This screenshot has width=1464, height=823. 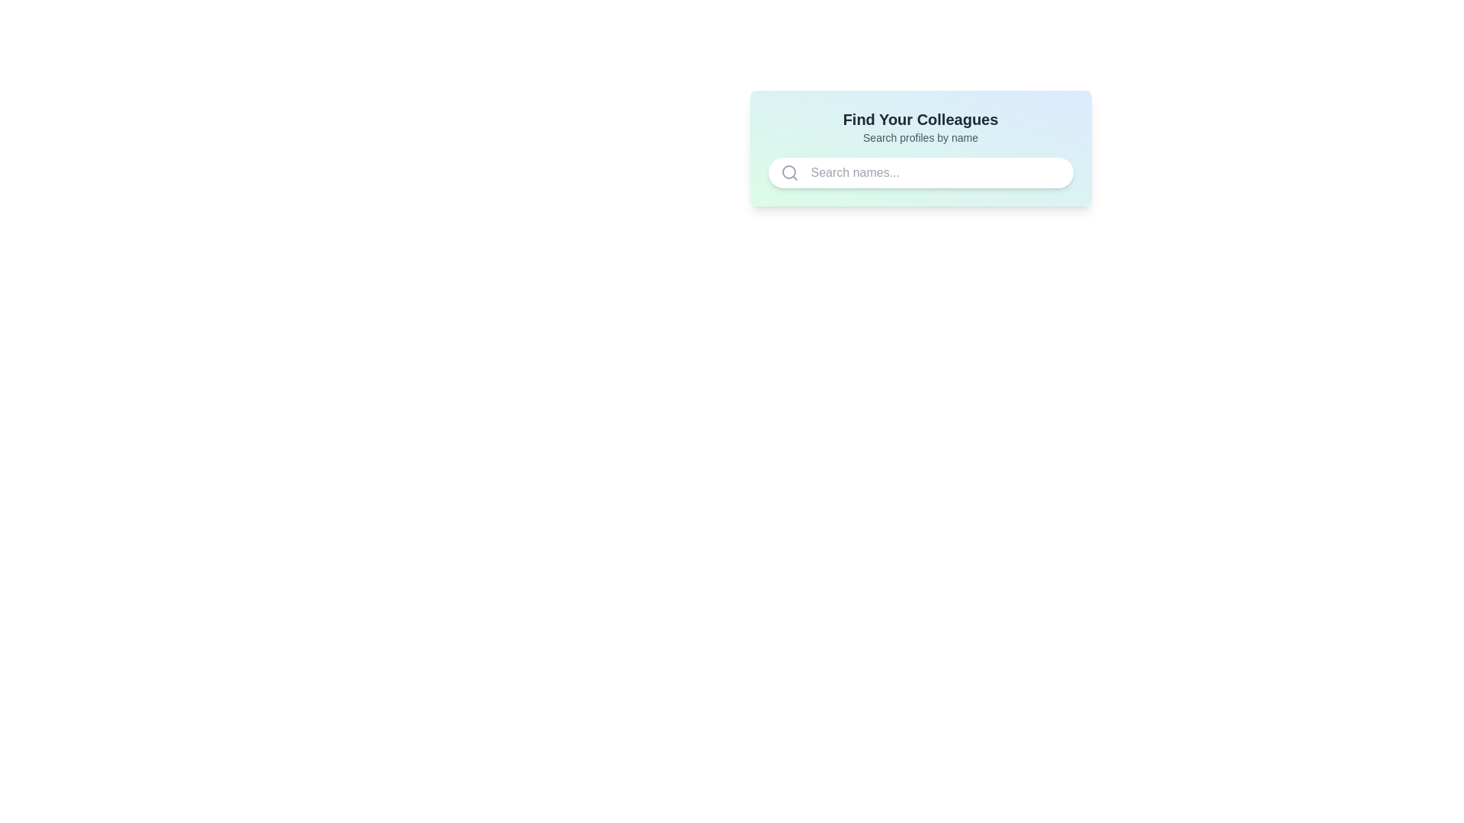 I want to click on the search icon located within the search interface card that allows users to search for names, so click(x=920, y=149).